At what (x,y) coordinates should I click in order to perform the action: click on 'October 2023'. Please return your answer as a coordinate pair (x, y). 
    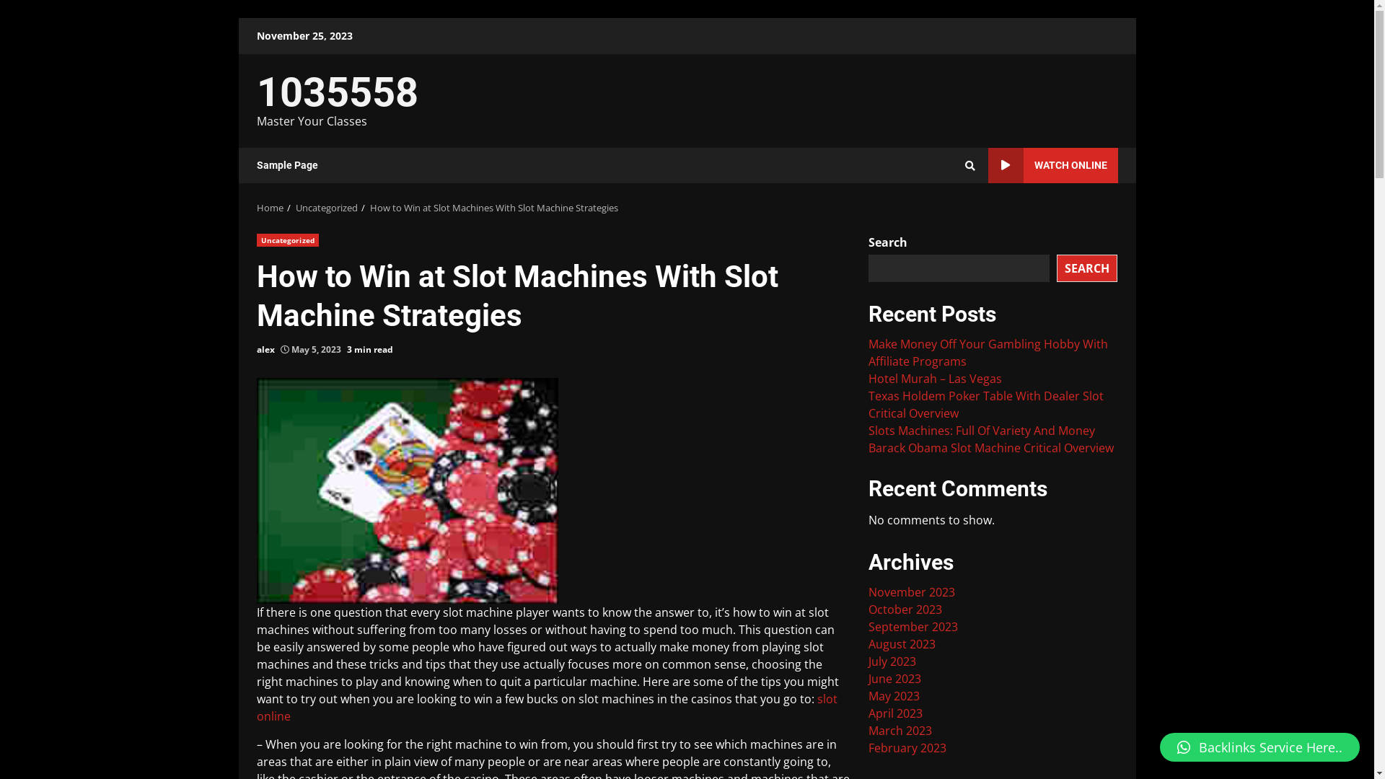
    Looking at the image, I should click on (904, 609).